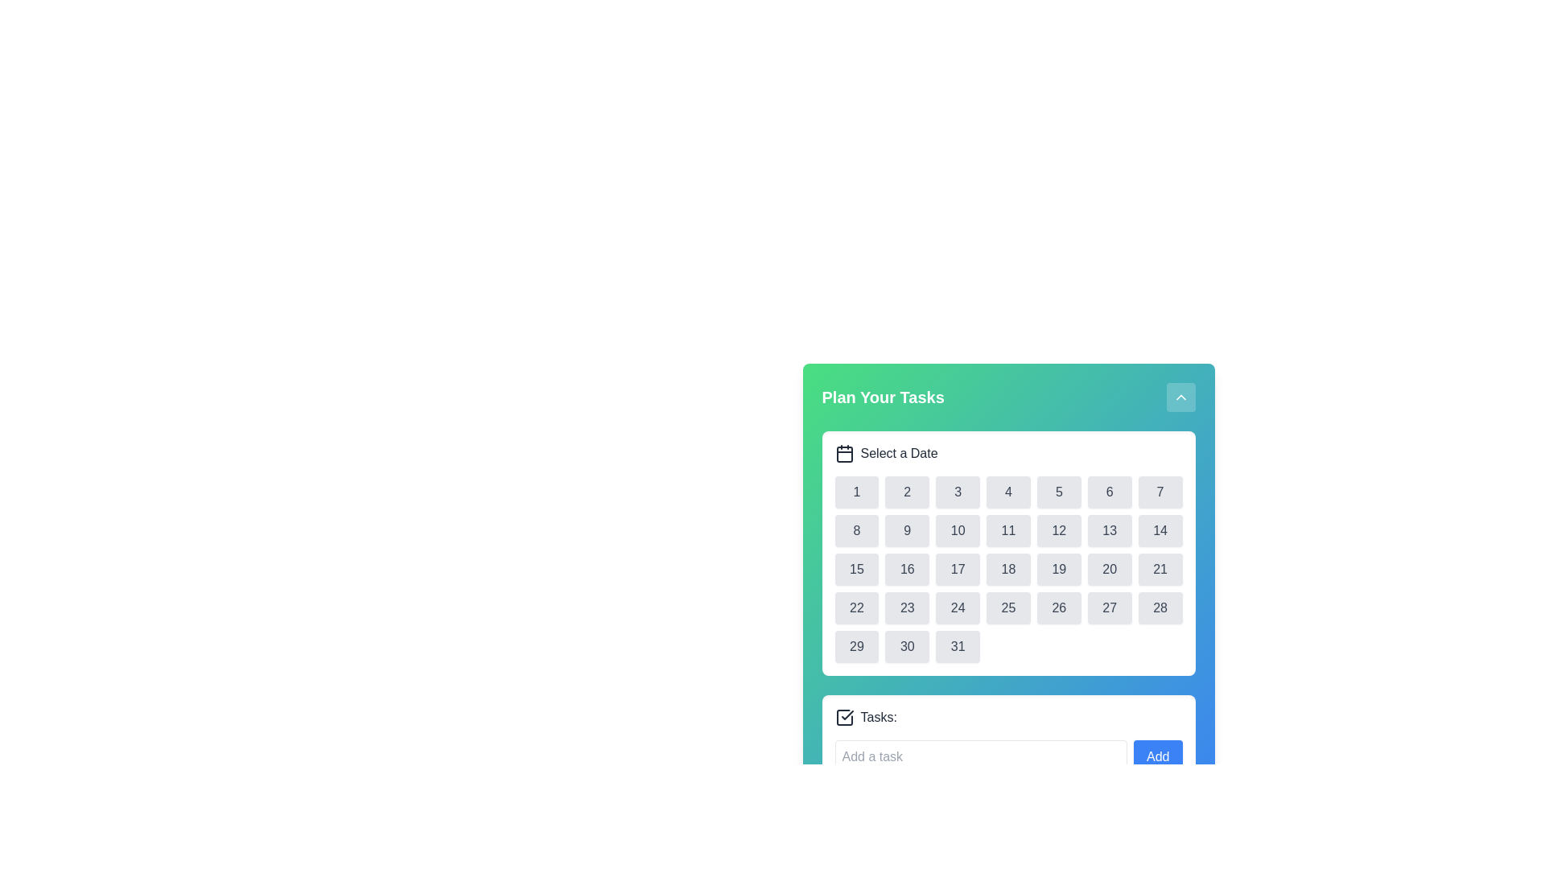 This screenshot has width=1545, height=869. What do you see at coordinates (882, 397) in the screenshot?
I see `the text element displaying 'Plan Your Tasks', which is styled with a larger font size and bold weight, located at the top-left corner of the interface within a green background gradient bar` at bounding box center [882, 397].